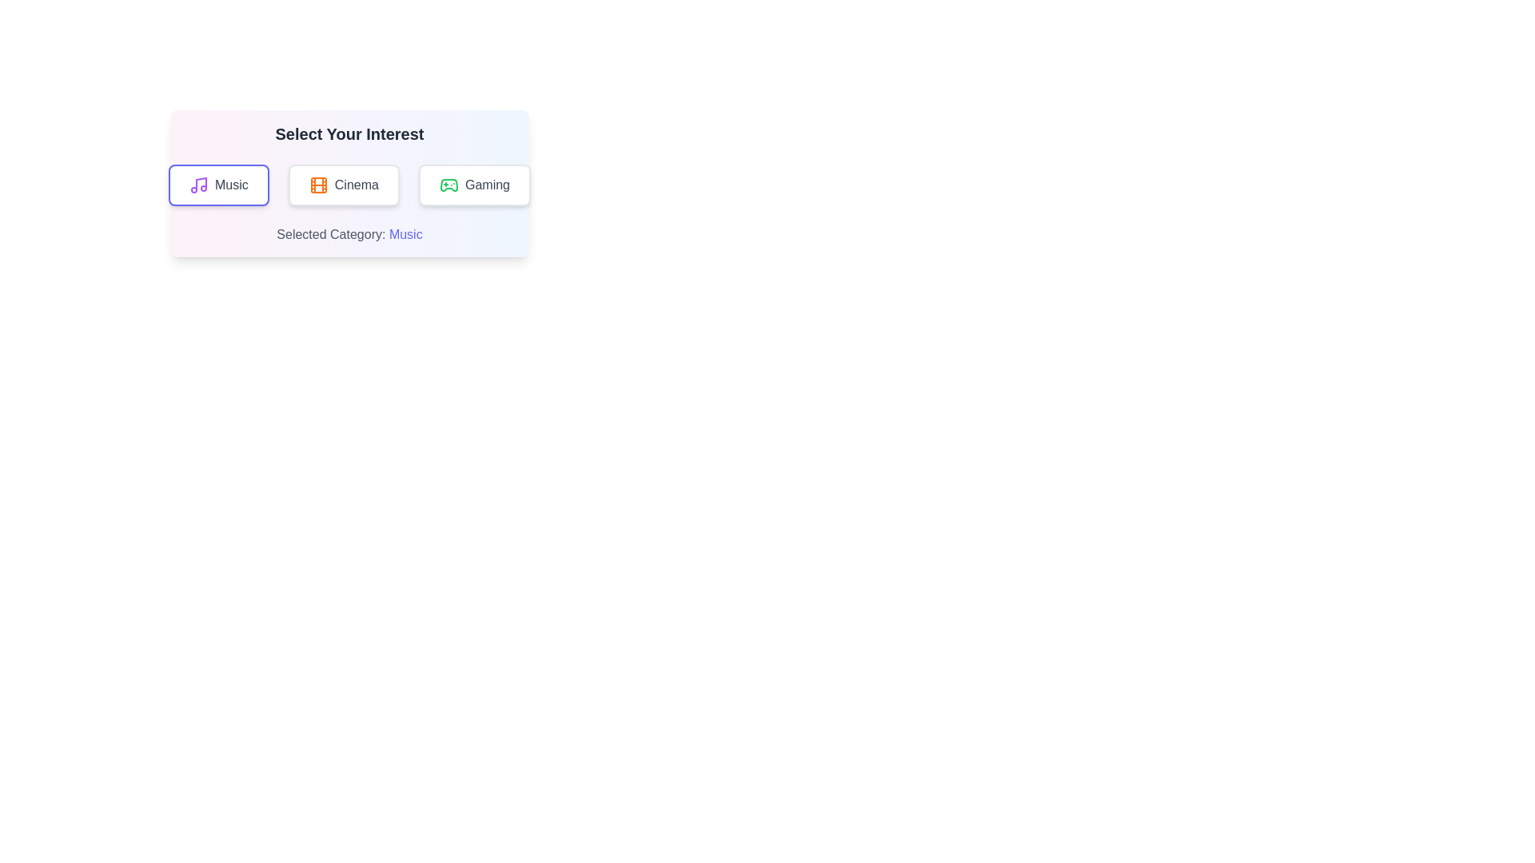 Image resolution: width=1535 pixels, height=863 pixels. Describe the element at coordinates (473, 184) in the screenshot. I see `the button labeled Gaming to view its hover effect` at that location.